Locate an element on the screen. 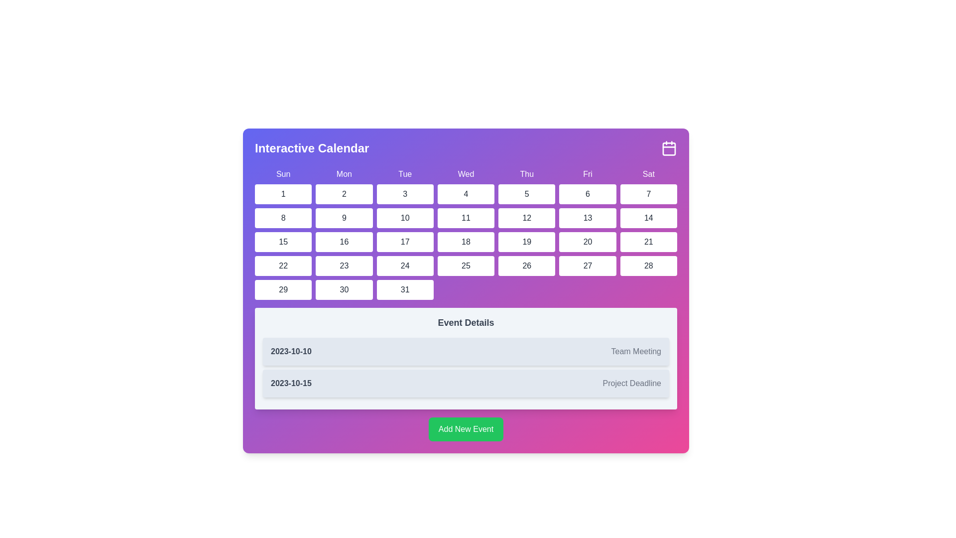 Image resolution: width=956 pixels, height=538 pixels. the static text label displaying 'Tue', which is the third header item in the weekly calendar grid is located at coordinates (405, 174).